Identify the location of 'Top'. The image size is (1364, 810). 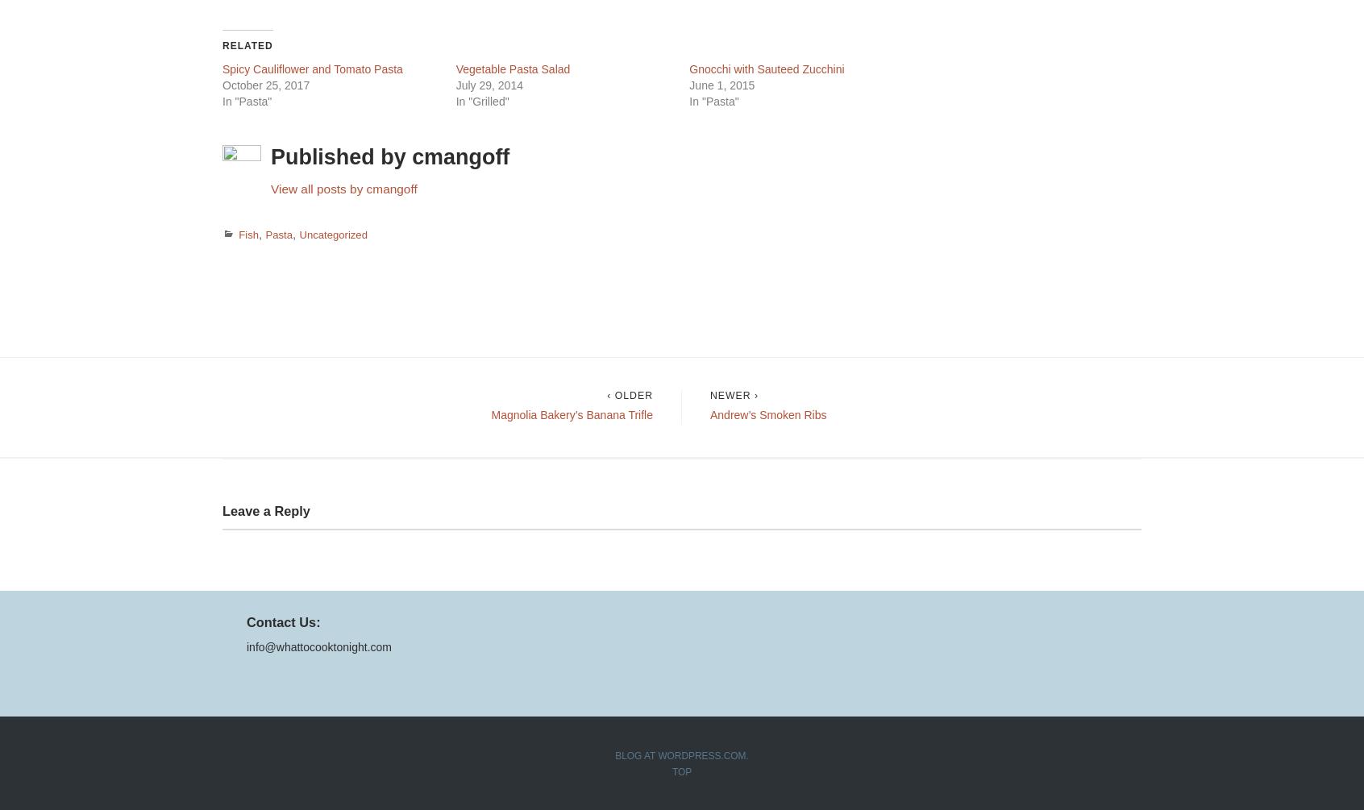
(681, 770).